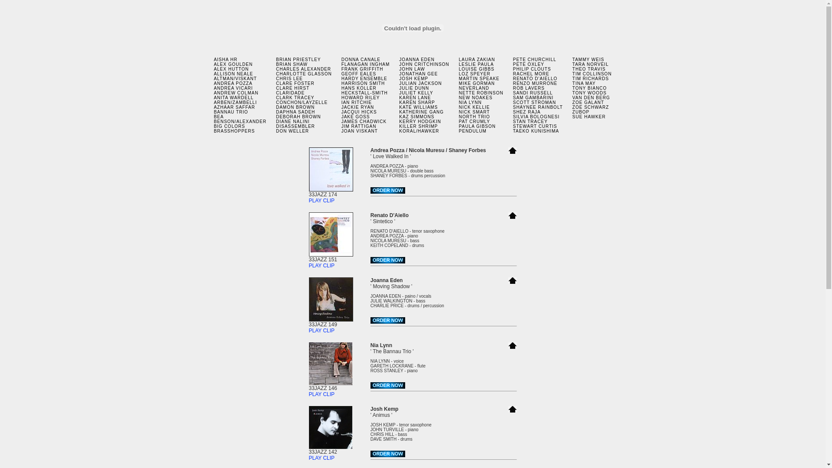 Image resolution: width=832 pixels, height=468 pixels. I want to click on 'TONY WOODS', so click(589, 93).